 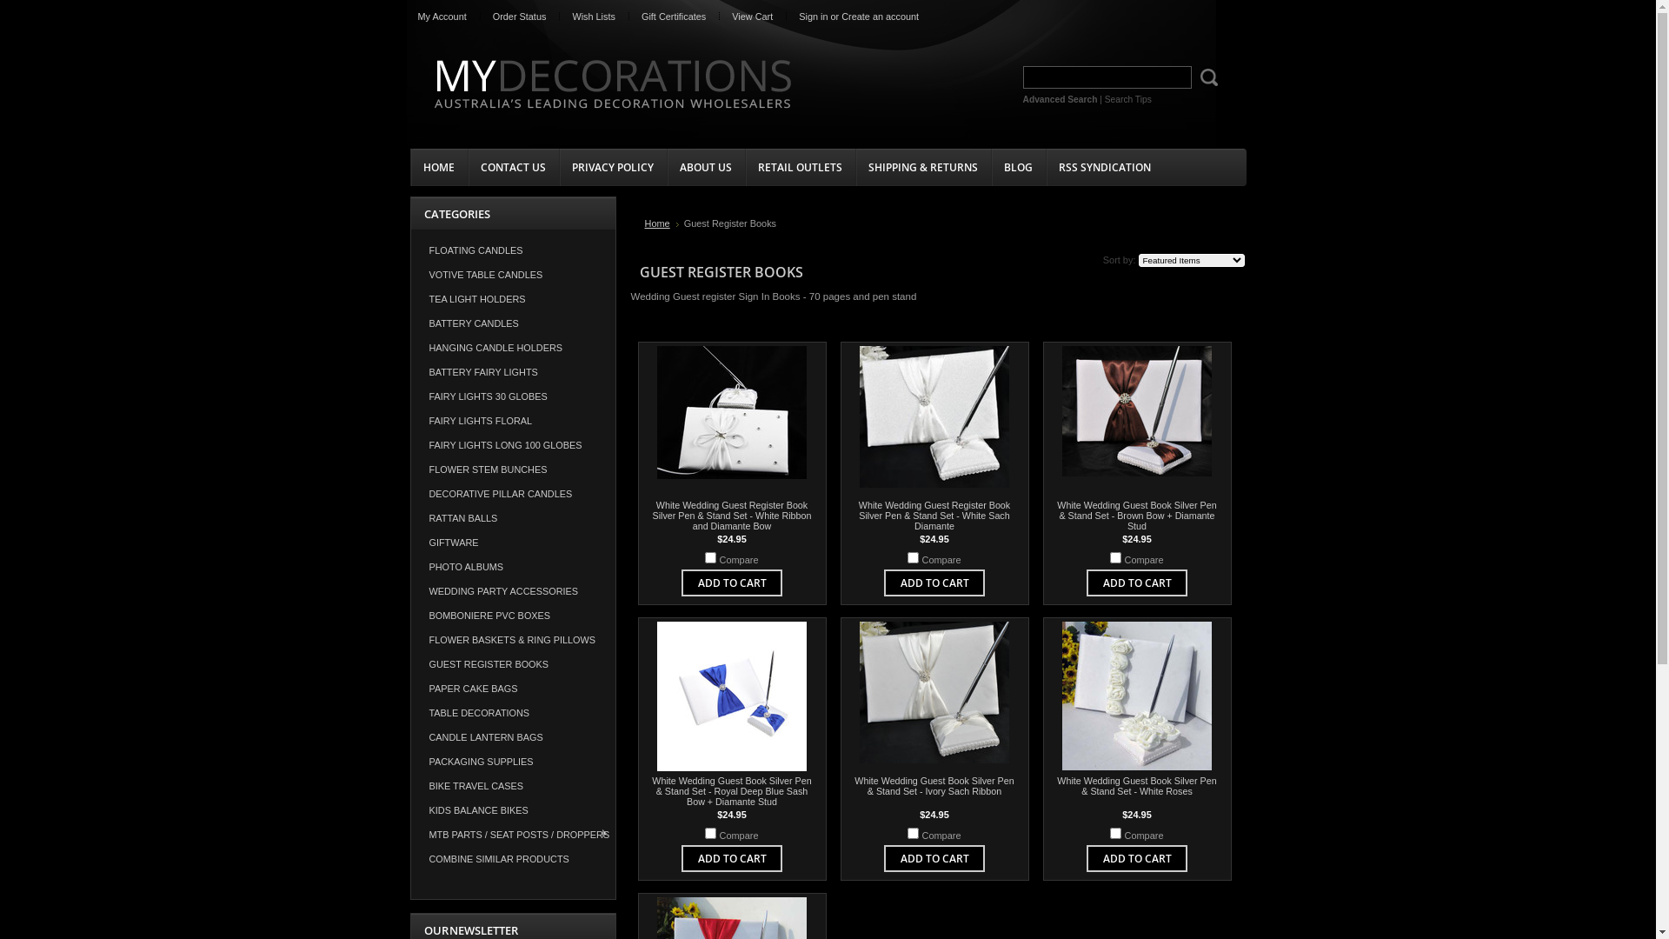 I want to click on 'RETAIL OUTLETS', so click(x=743, y=167).